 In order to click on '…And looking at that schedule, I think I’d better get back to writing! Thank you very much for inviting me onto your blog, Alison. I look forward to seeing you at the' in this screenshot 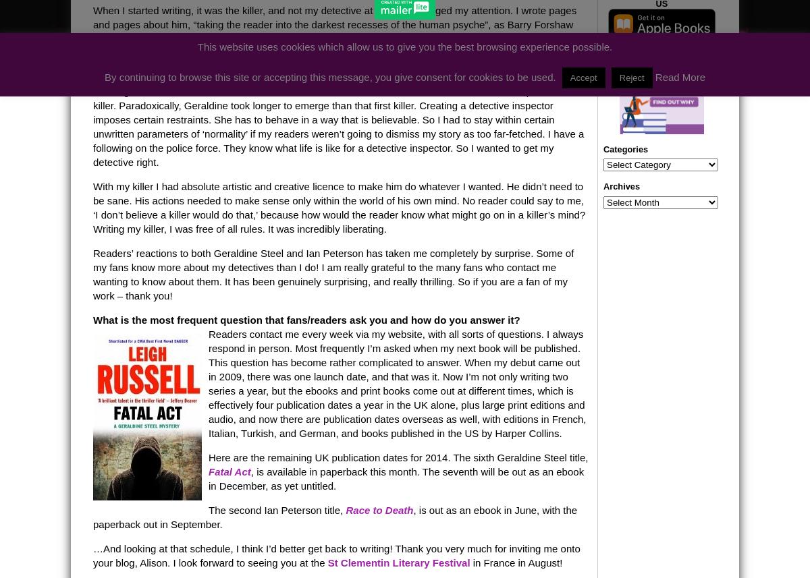, I will do `click(335, 554)`.